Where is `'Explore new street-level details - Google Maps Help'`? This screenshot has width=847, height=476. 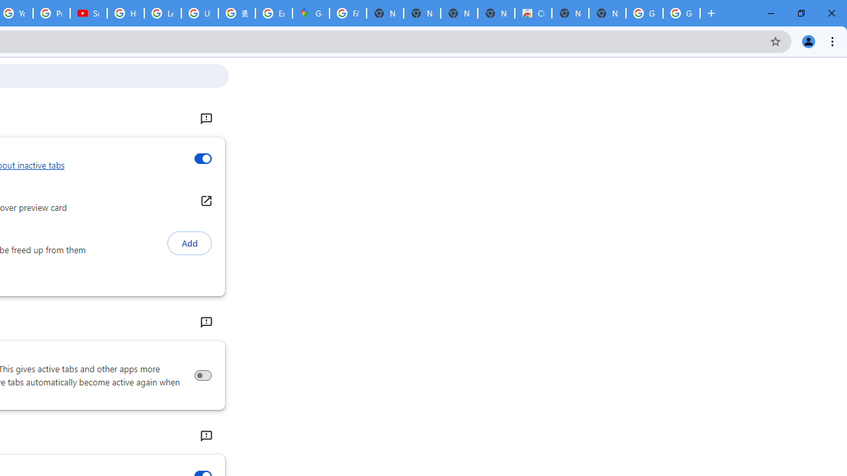 'Explore new street-level details - Google Maps Help' is located at coordinates (273, 13).